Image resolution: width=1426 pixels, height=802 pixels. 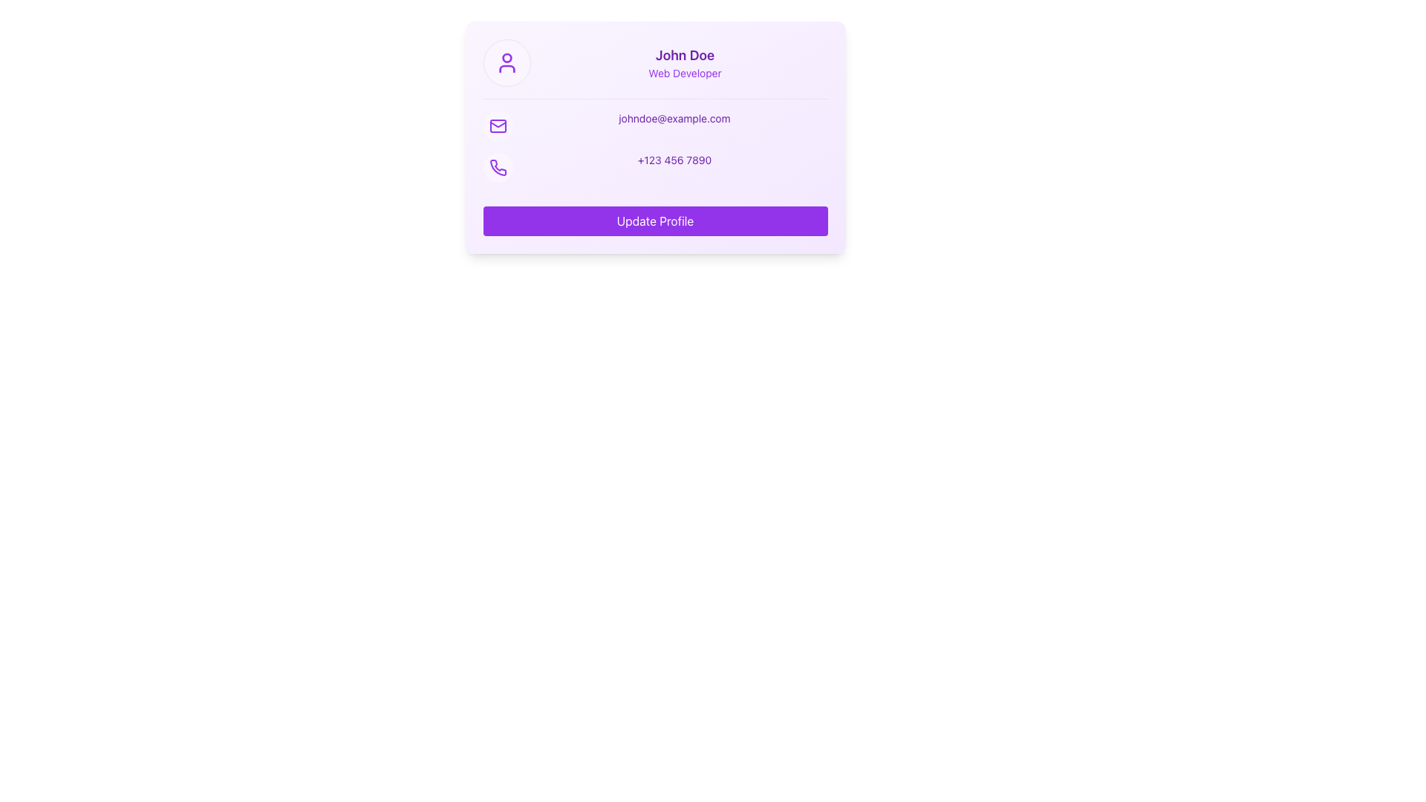 I want to click on the static text element displaying 'John Doe' in bold purple text, positioned at the top-center of the card interface, so click(x=684, y=54).